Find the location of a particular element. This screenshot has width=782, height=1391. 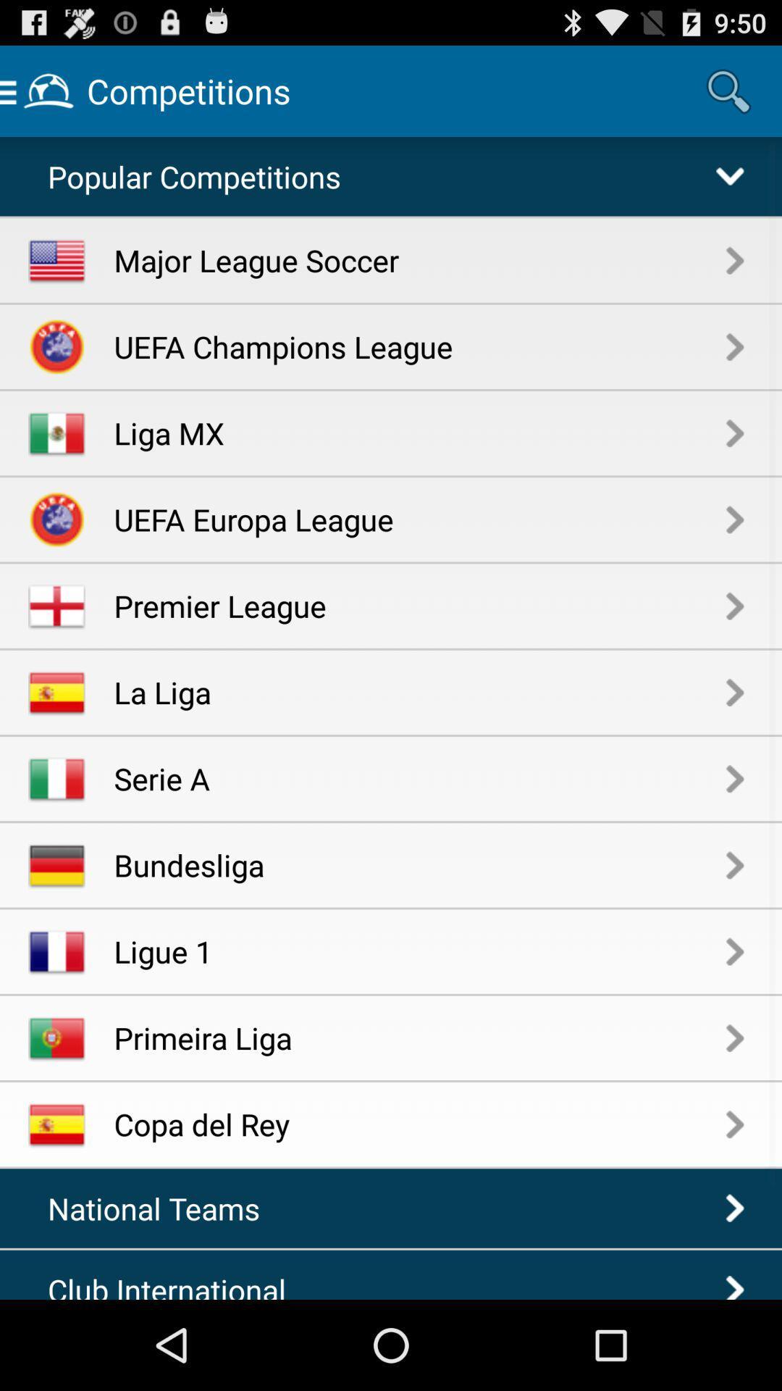

la liga item is located at coordinates (420, 691).